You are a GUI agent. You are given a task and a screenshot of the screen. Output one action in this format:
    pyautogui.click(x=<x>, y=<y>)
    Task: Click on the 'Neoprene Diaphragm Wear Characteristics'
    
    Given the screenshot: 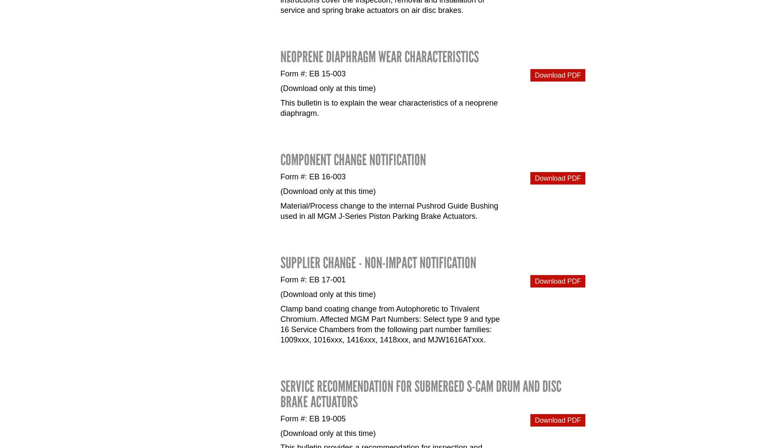 What is the action you would take?
    pyautogui.click(x=379, y=56)
    